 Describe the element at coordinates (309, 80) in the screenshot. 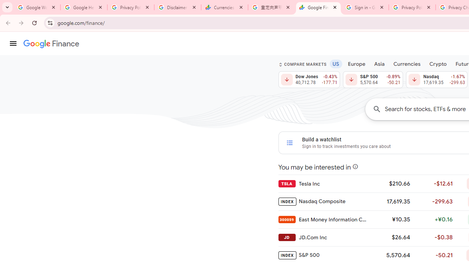

I see `'Dow Jones 40,712.78 Down by 0.43% -177.71'` at that location.